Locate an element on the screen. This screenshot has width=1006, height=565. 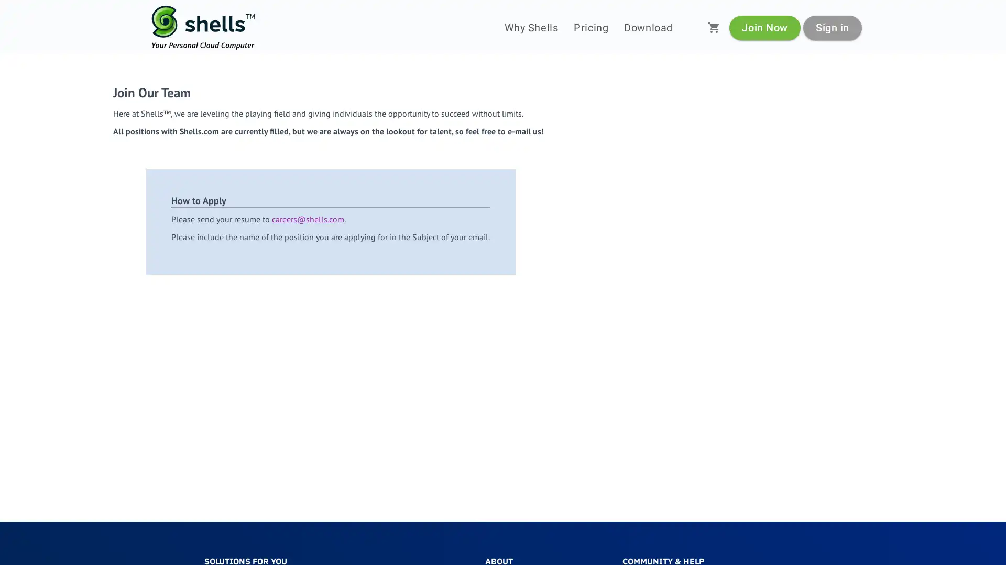
Why Shells is located at coordinates (531, 27).